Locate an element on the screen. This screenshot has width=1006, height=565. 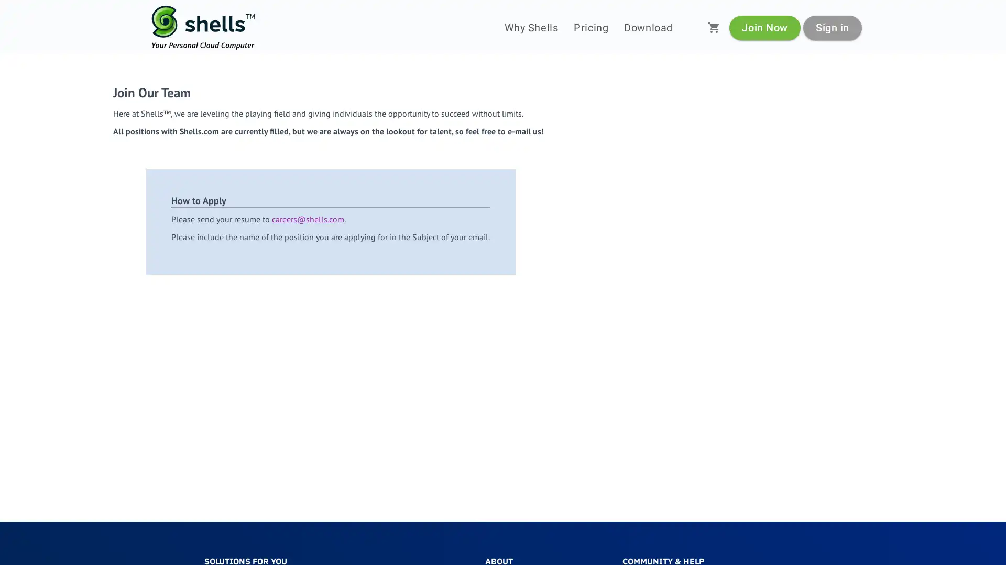
Why Shells is located at coordinates (531, 27).